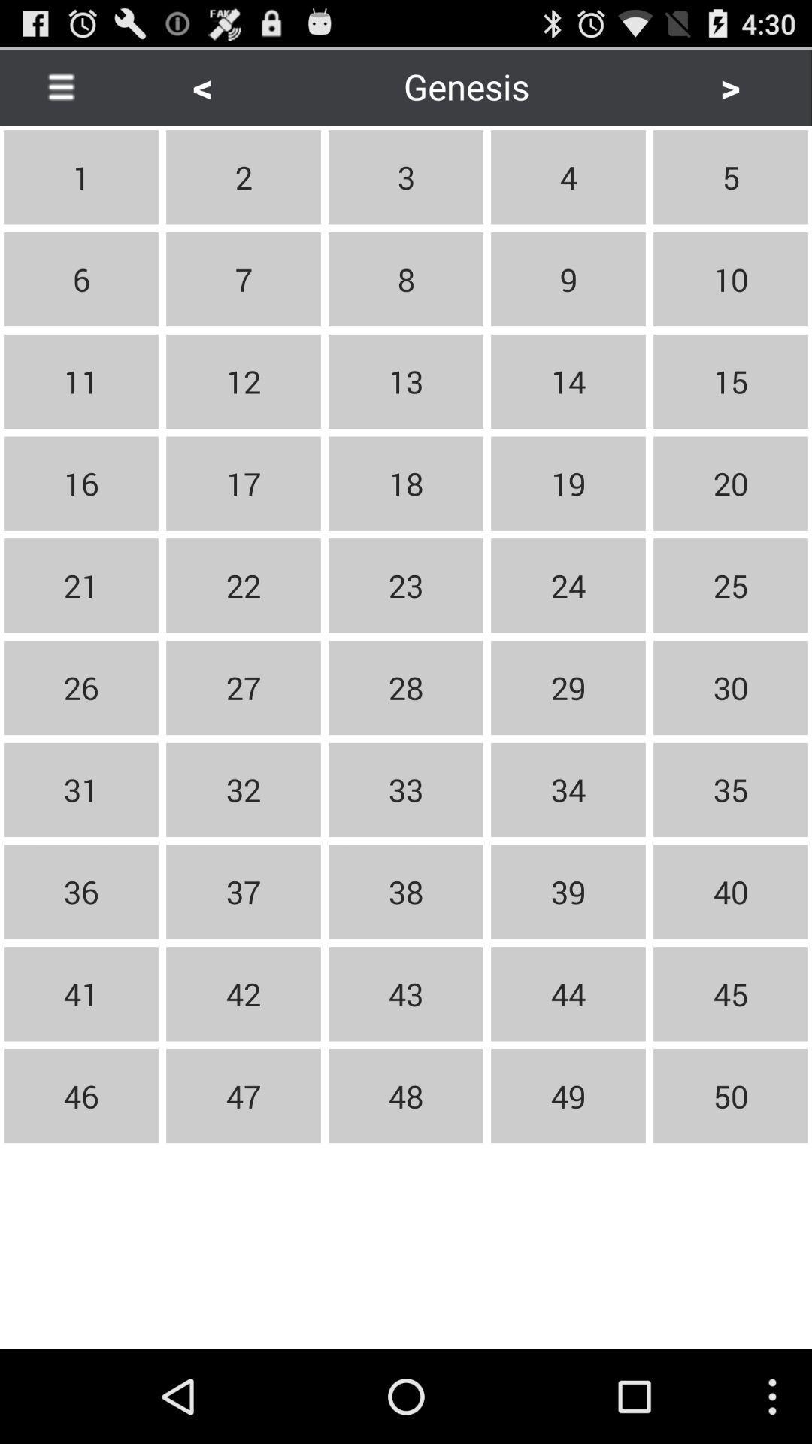 The image size is (812, 1444). What do you see at coordinates (729, 86) in the screenshot?
I see `item to the right of genesis` at bounding box center [729, 86].